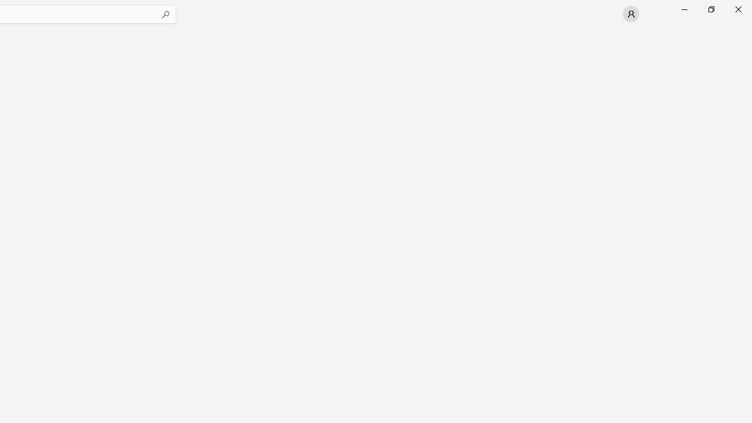 The height and width of the screenshot is (423, 752). Describe the element at coordinates (710, 9) in the screenshot. I see `'Restore Microsoft Store'` at that location.